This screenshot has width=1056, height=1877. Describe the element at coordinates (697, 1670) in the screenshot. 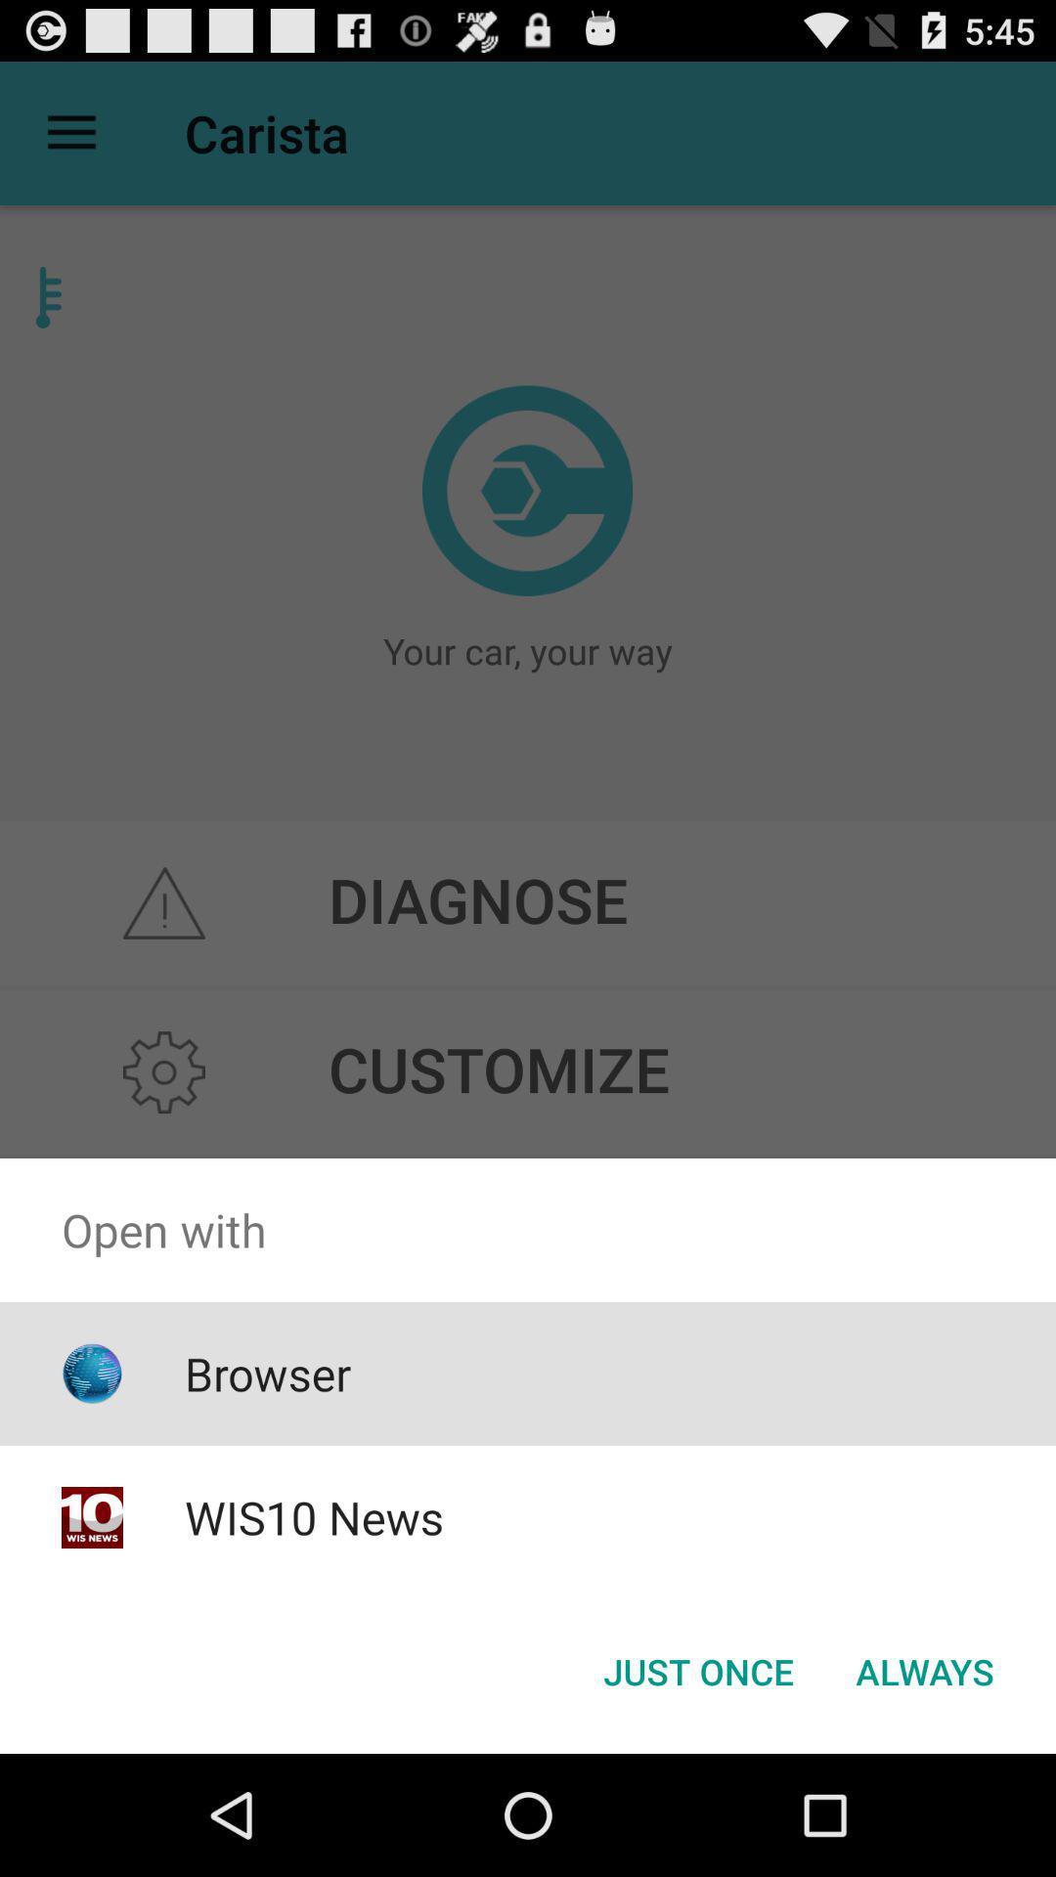

I see `button next to the always button` at that location.